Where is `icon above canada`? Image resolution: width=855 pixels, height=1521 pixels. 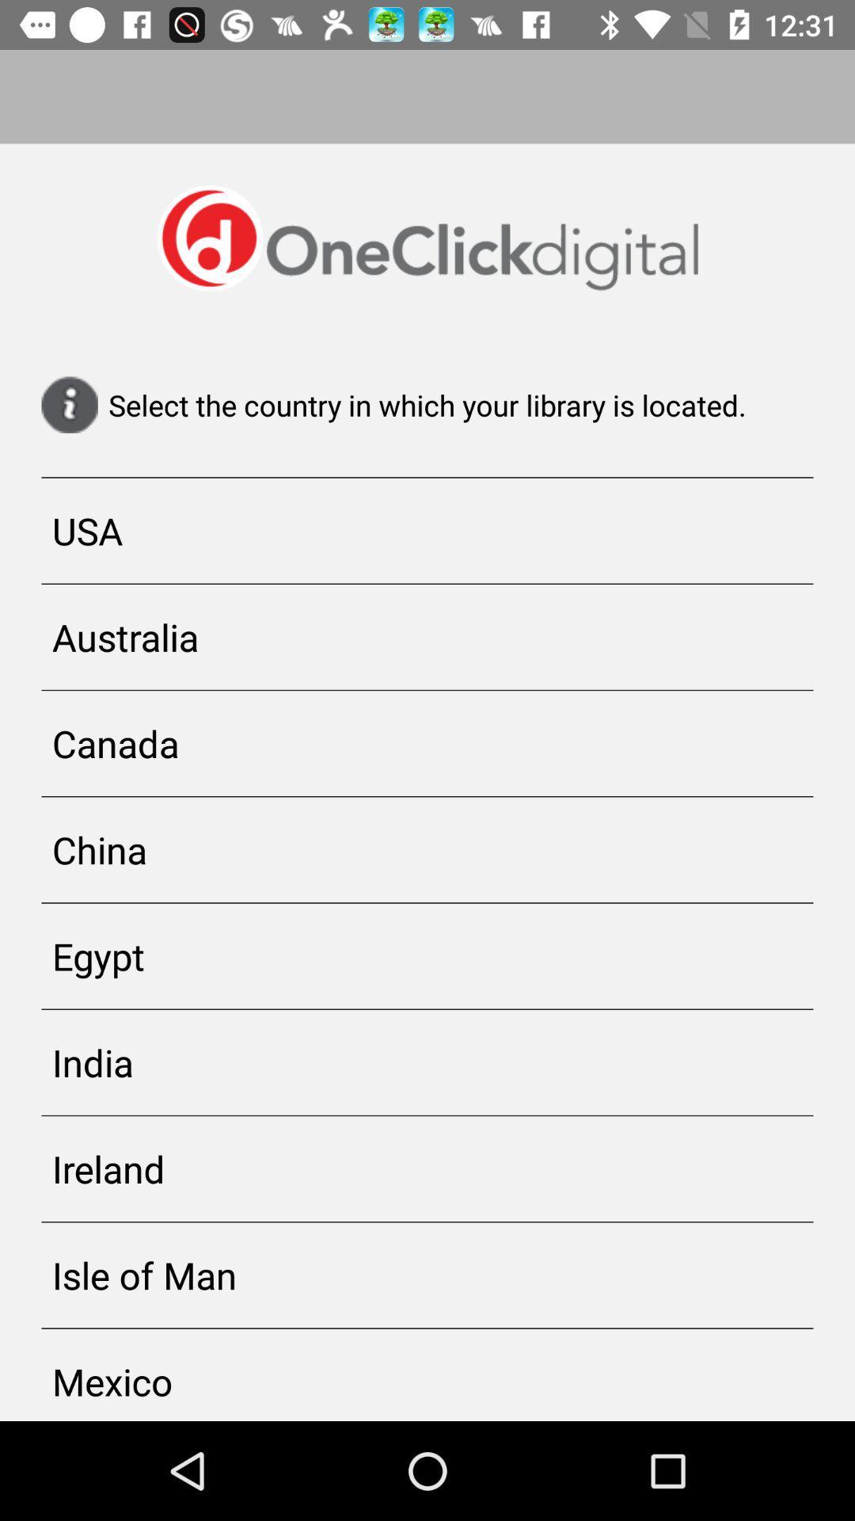 icon above canada is located at coordinates (427, 637).